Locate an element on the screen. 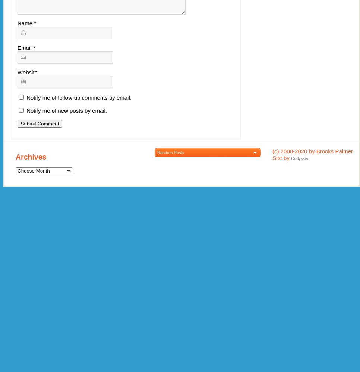 This screenshot has width=360, height=372. 'Notify me of follow-up comments by email.' is located at coordinates (78, 97).